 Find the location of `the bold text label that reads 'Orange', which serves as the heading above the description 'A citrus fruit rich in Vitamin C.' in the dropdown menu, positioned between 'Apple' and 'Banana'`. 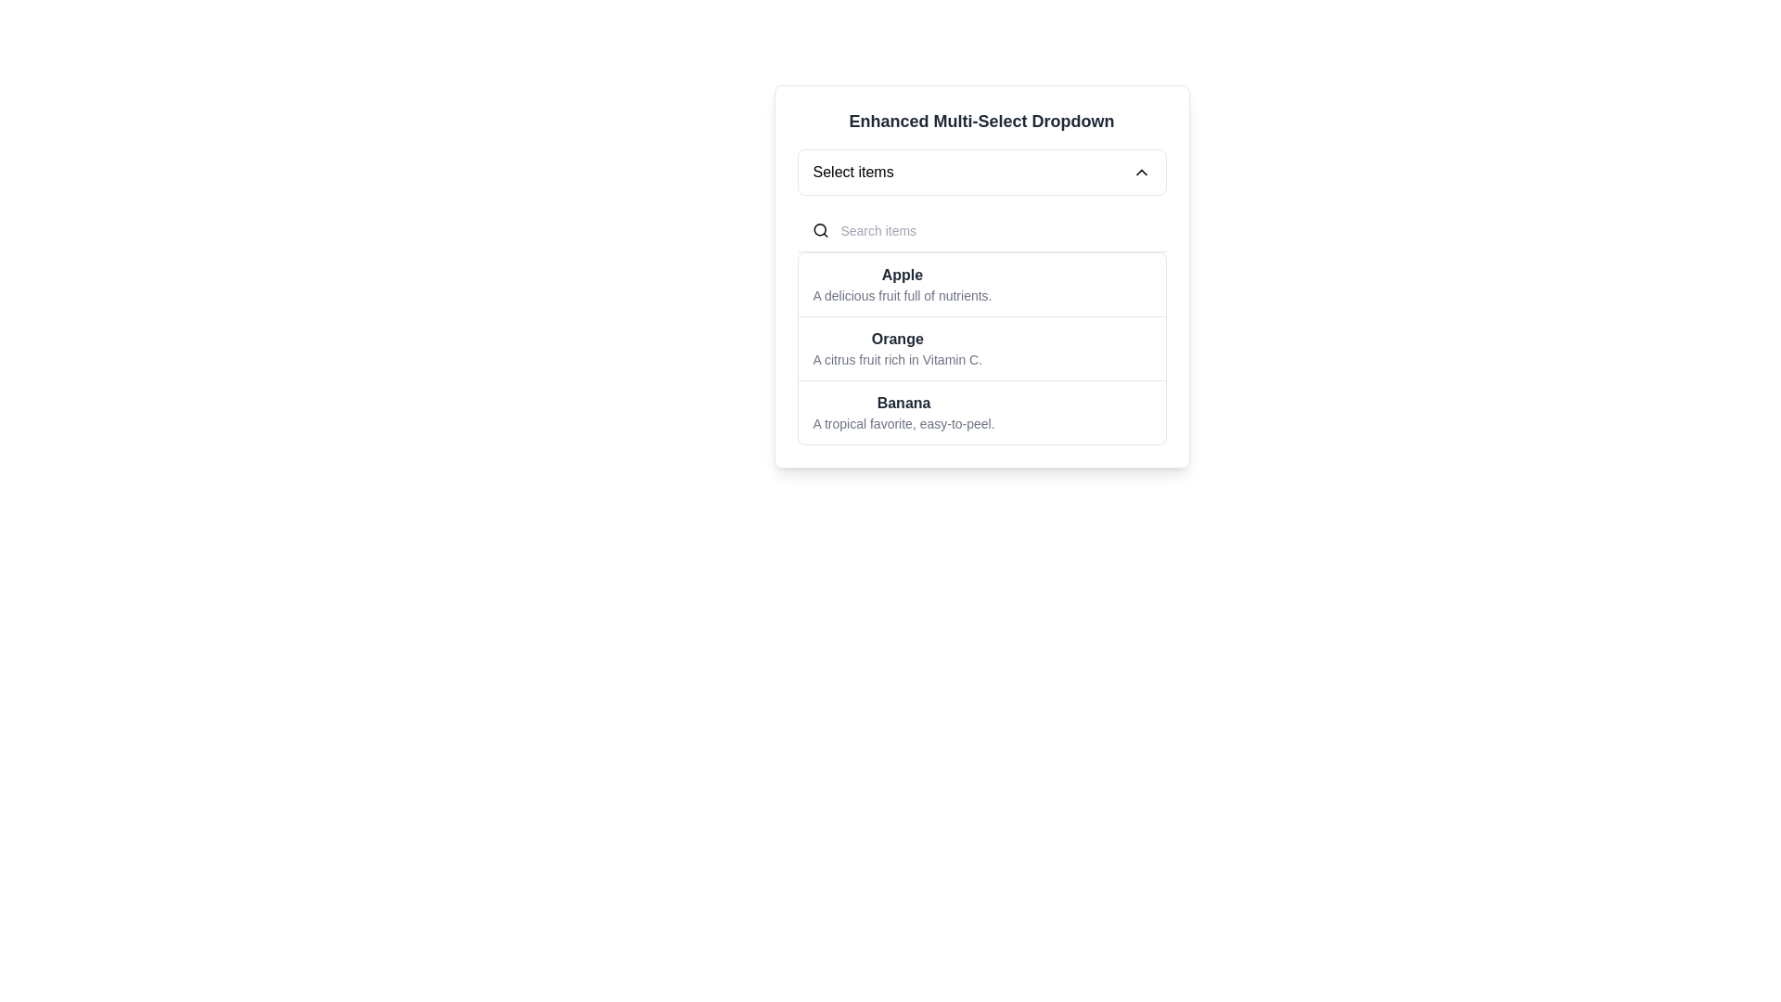

the bold text label that reads 'Orange', which serves as the heading above the description 'A citrus fruit rich in Vitamin C.' in the dropdown menu, positioned between 'Apple' and 'Banana' is located at coordinates (897, 340).